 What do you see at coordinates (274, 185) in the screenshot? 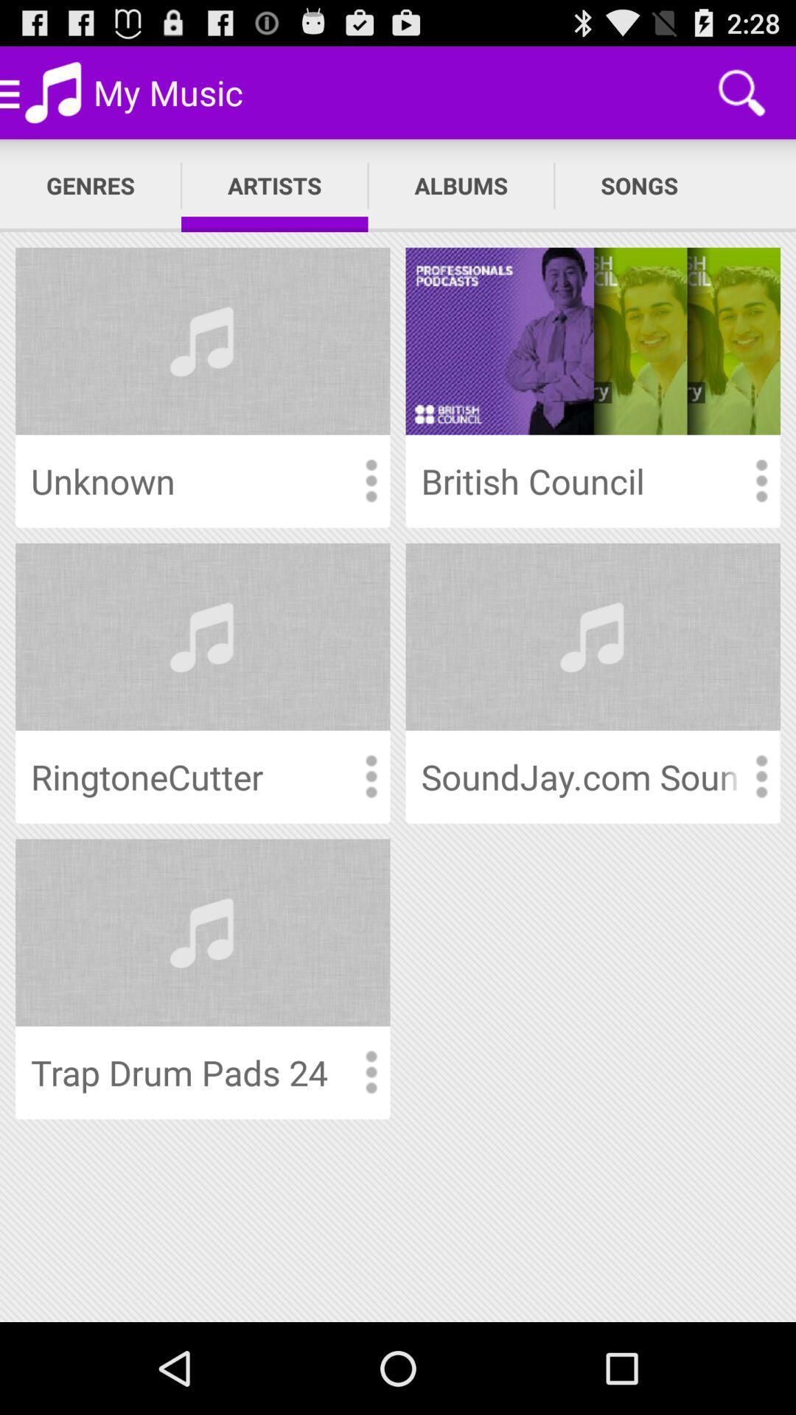
I see `the icon next to genres` at bounding box center [274, 185].